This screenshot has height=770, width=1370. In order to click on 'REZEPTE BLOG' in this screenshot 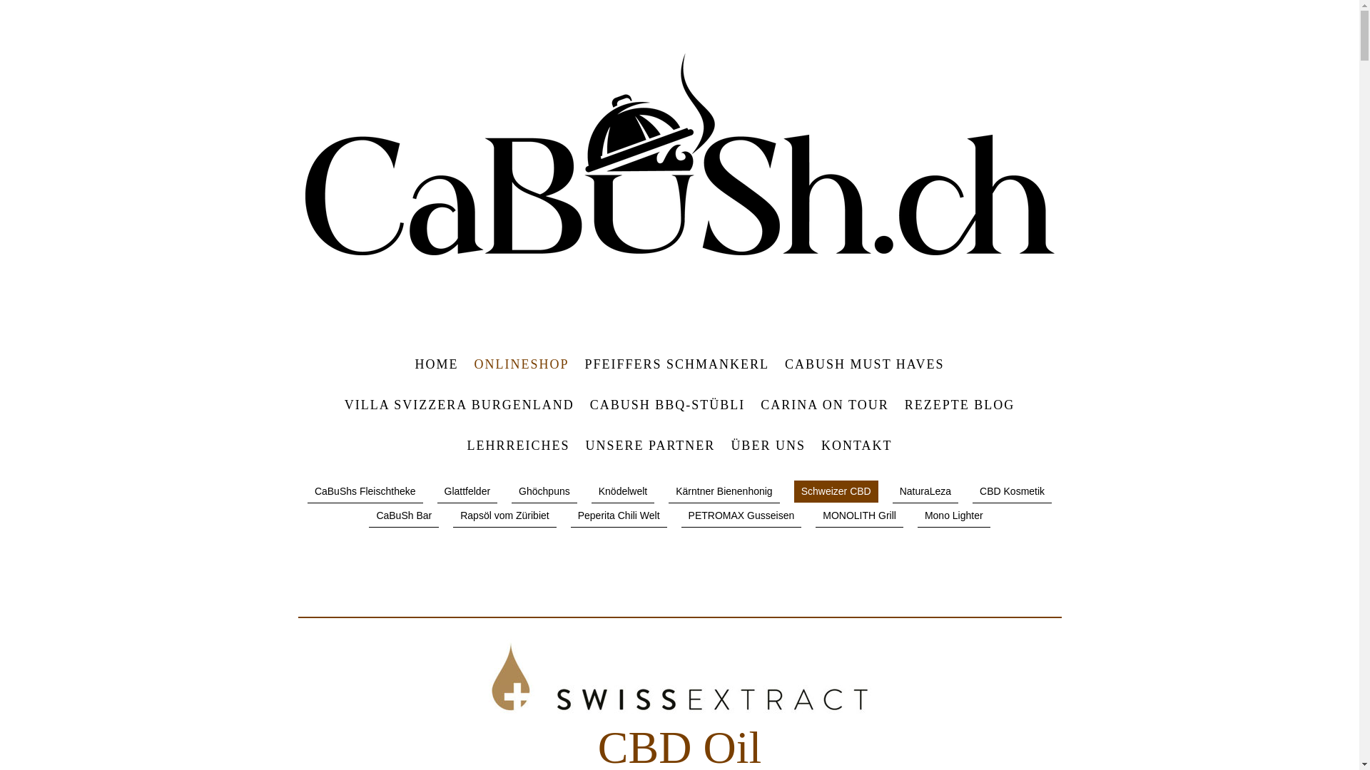, I will do `click(960, 405)`.